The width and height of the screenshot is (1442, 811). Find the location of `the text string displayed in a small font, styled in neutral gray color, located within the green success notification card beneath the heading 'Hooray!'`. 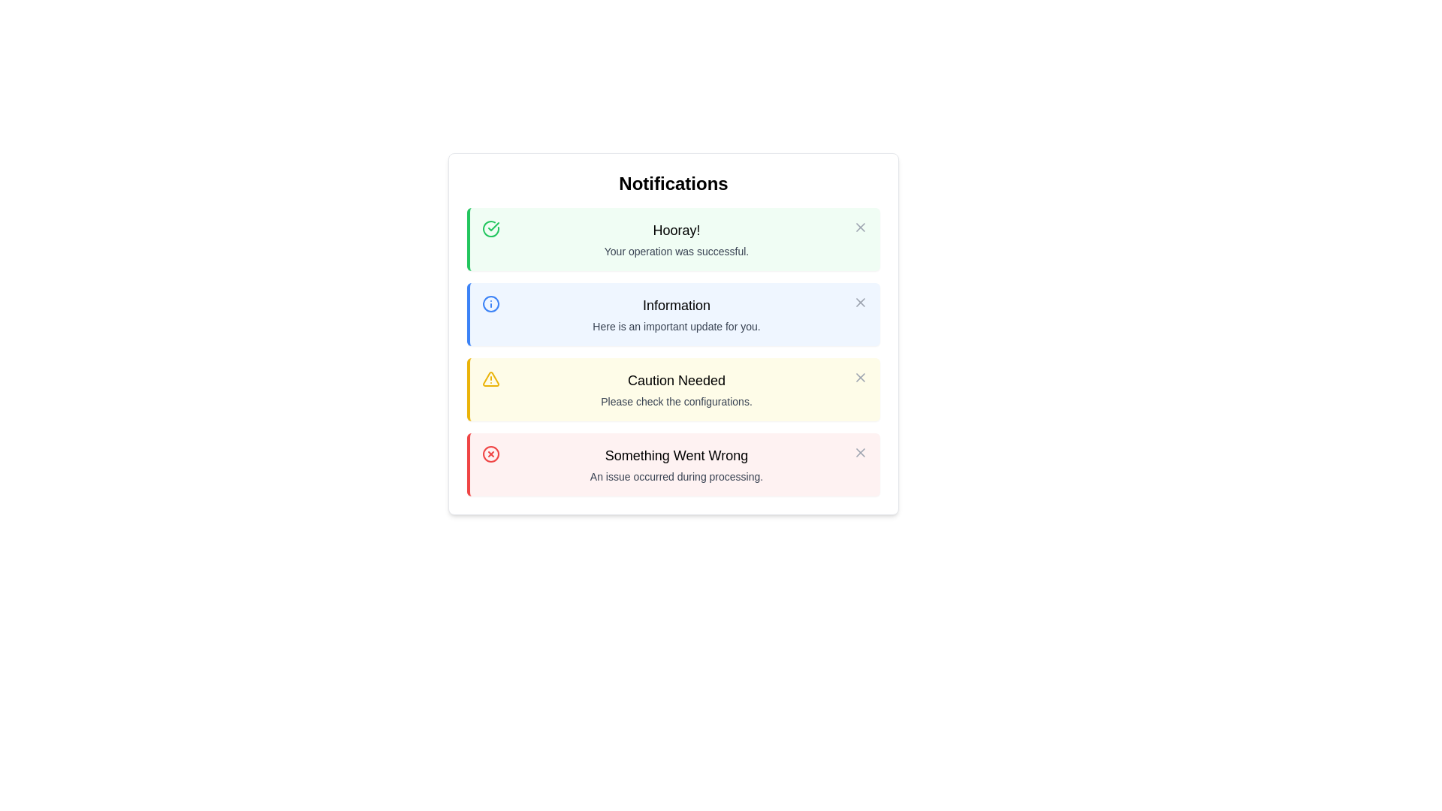

the text string displayed in a small font, styled in neutral gray color, located within the green success notification card beneath the heading 'Hooray!' is located at coordinates (676, 251).